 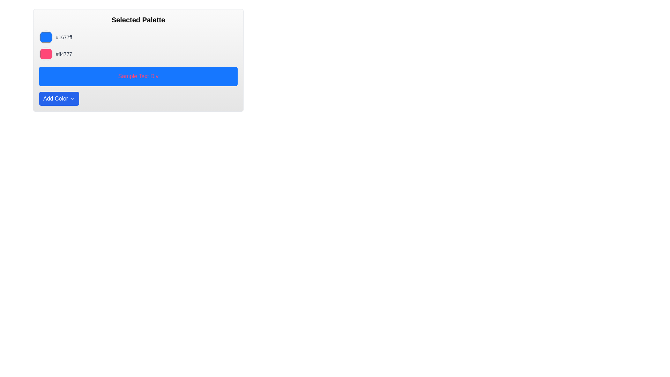 I want to click on the first circular pink button in the color palette selector, so click(x=46, y=53).